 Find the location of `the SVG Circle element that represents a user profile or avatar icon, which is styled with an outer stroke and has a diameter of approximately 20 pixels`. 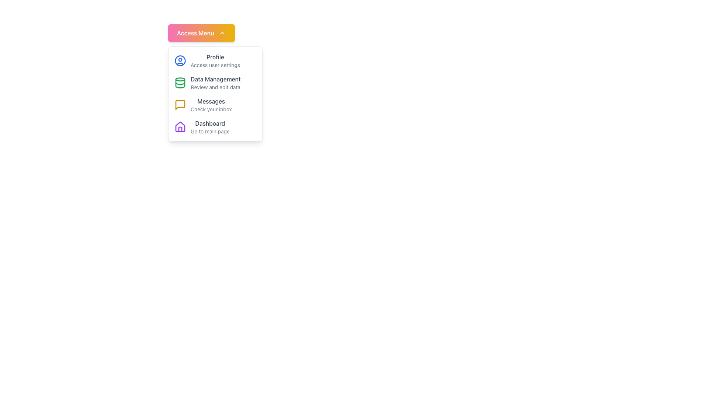

the SVG Circle element that represents a user profile or avatar icon, which is styled with an outer stroke and has a diameter of approximately 20 pixels is located at coordinates (180, 60).